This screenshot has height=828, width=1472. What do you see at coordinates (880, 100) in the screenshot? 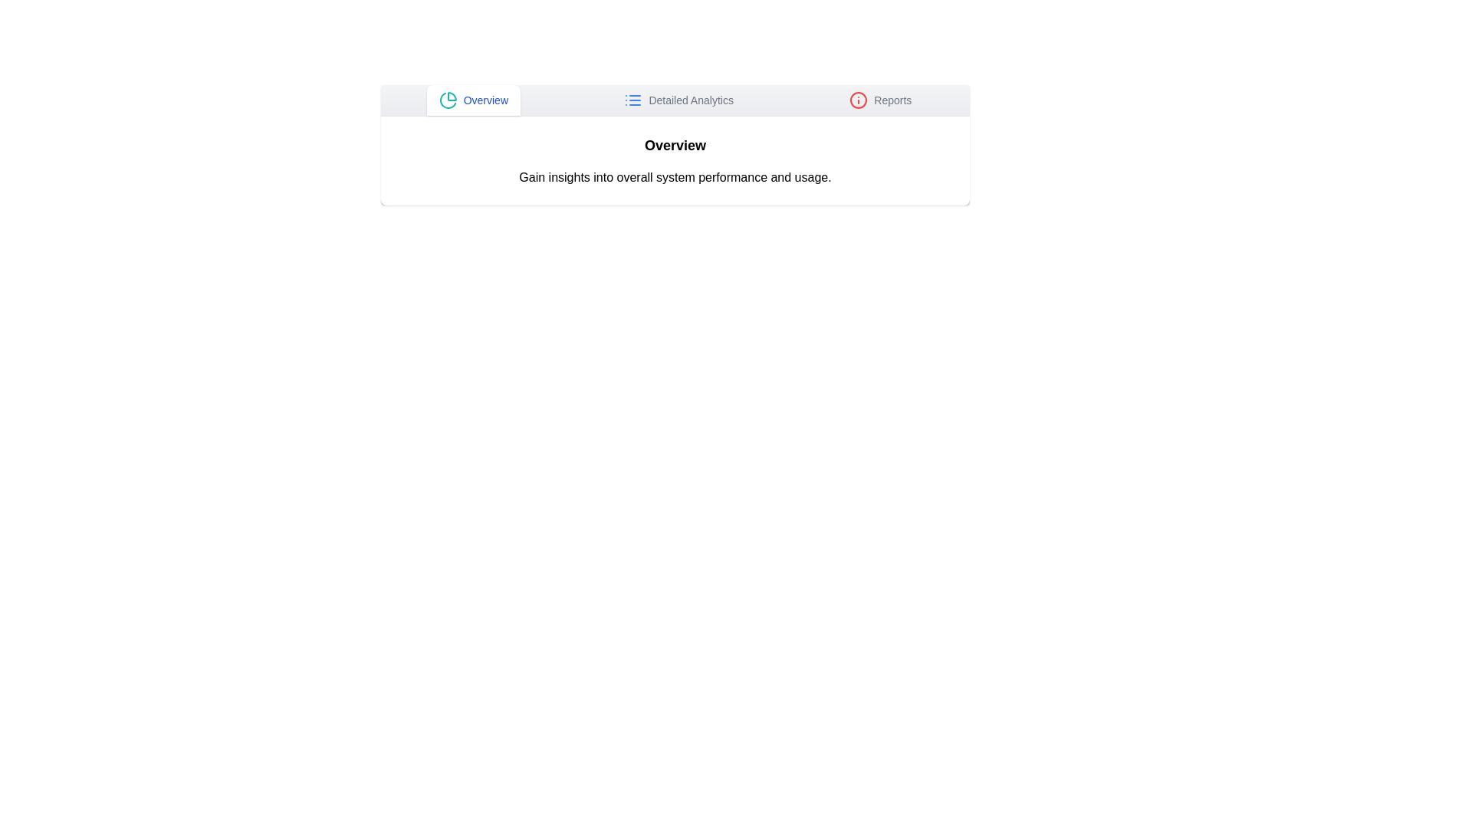
I see `the tab labeled Reports` at bounding box center [880, 100].